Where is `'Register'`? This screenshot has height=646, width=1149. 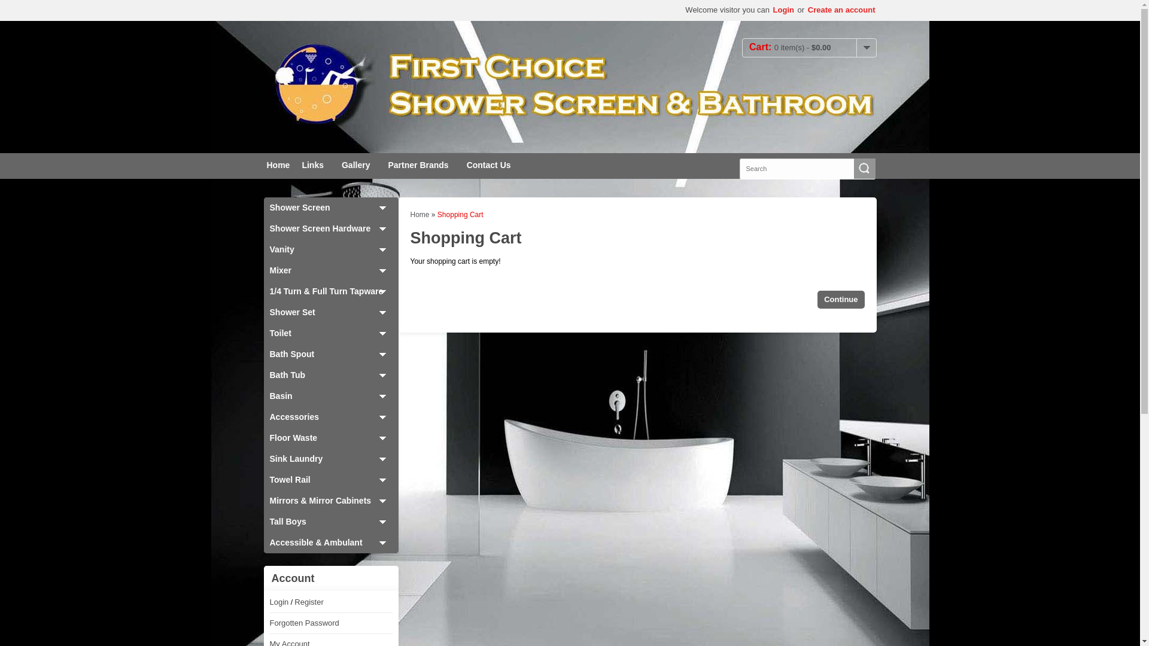 'Register' is located at coordinates (308, 602).